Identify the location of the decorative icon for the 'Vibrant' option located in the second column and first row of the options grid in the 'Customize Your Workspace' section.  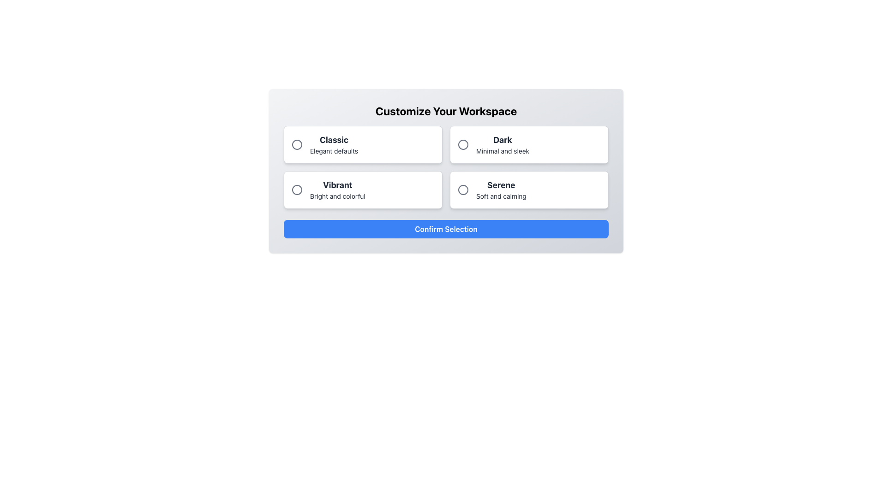
(297, 190).